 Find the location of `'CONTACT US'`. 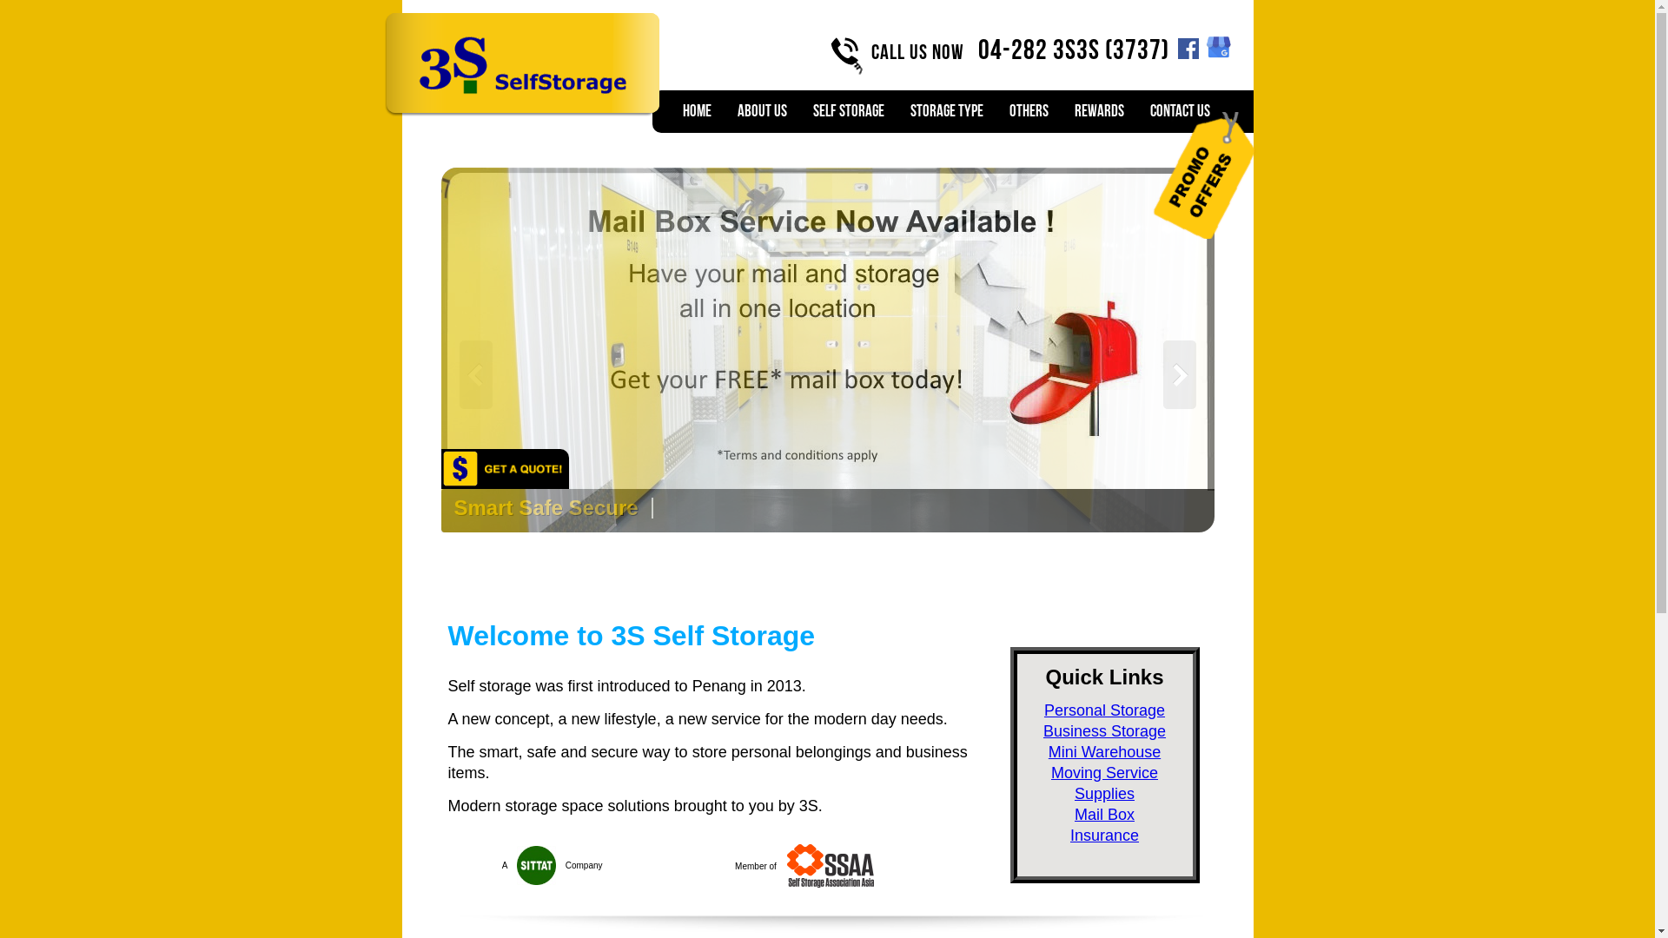

'CONTACT US' is located at coordinates (1180, 111).